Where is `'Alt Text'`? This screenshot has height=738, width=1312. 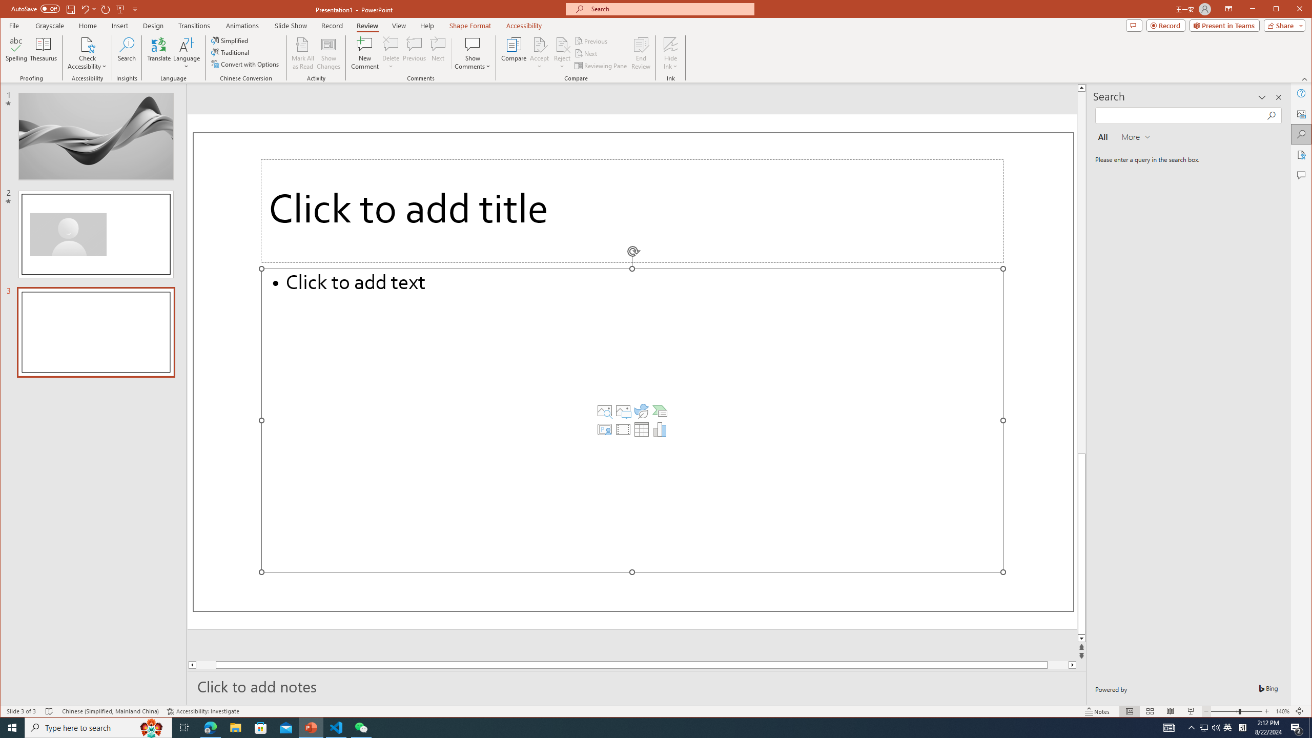
'Alt Text' is located at coordinates (1301, 113).